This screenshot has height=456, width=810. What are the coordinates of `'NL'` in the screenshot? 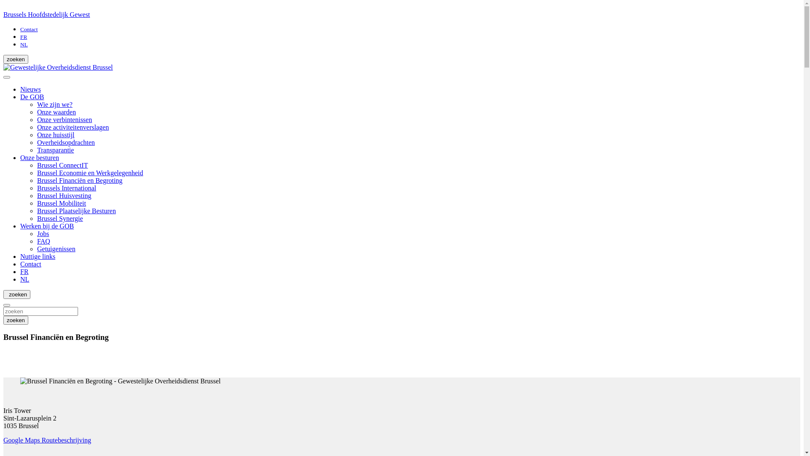 It's located at (24, 44).